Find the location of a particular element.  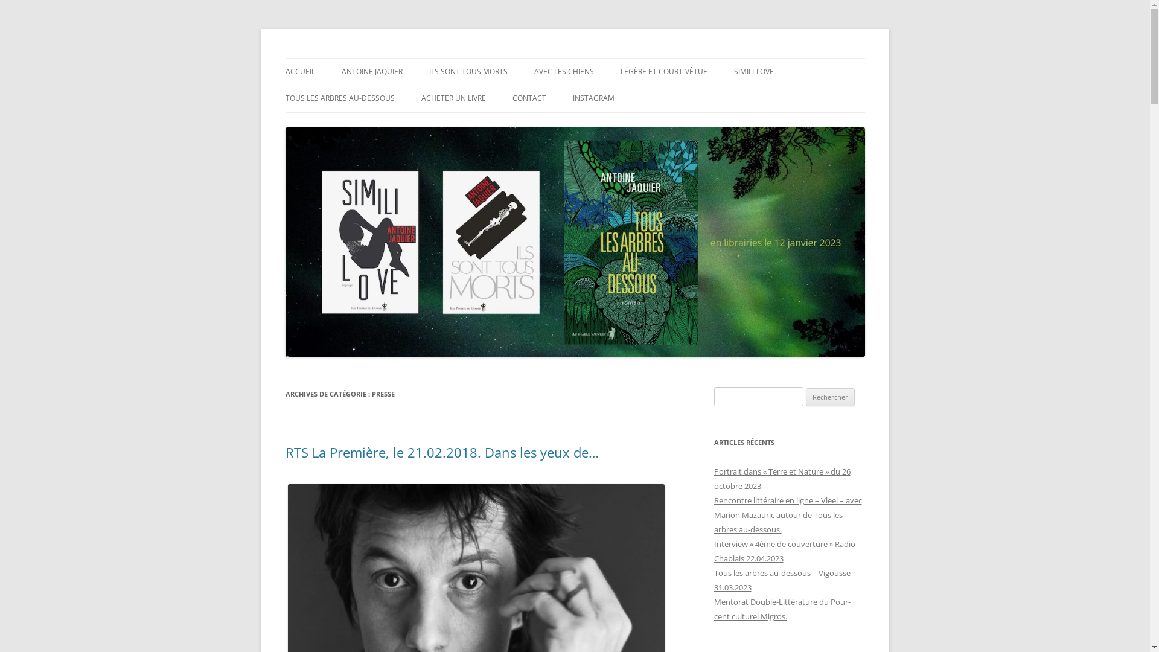

'ACCUEIL' is located at coordinates (284, 72).